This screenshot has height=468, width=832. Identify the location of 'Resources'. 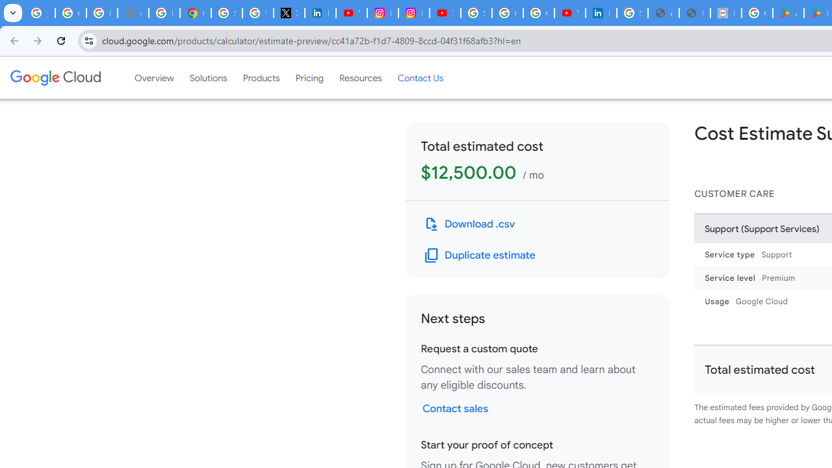
(360, 77).